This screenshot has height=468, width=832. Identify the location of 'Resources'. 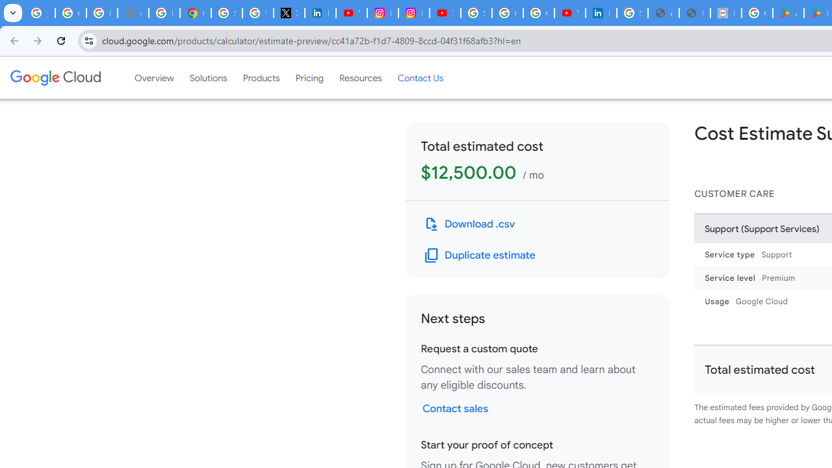
(360, 77).